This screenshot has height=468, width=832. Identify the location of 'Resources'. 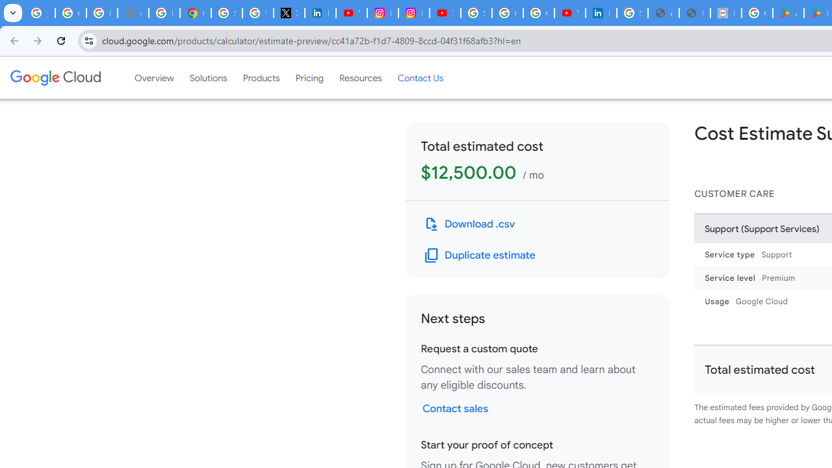
(360, 77).